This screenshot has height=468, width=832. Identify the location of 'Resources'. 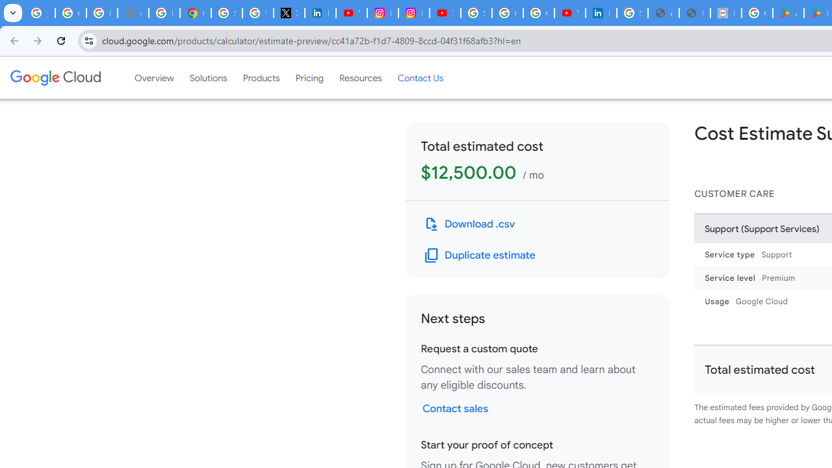
(360, 77).